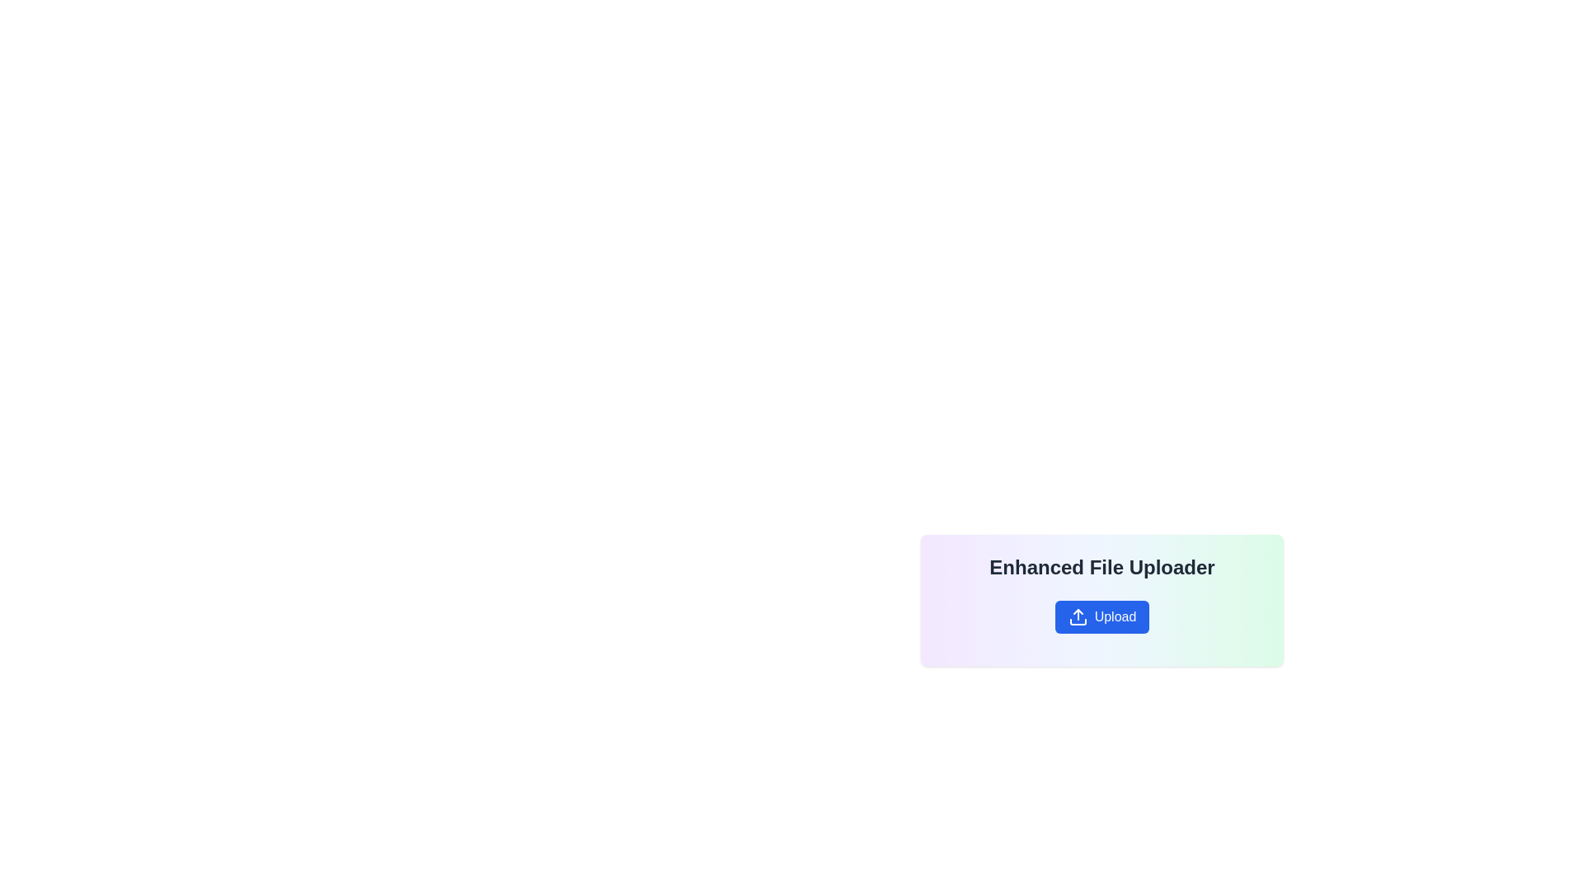 The width and height of the screenshot is (1583, 890). I want to click on the 'Upload' button, which is a rectangular button with rounded corners, blue background, white text, and an upward arrow icon, located beneath the 'Enhanced File Uploader' text, so click(1102, 616).